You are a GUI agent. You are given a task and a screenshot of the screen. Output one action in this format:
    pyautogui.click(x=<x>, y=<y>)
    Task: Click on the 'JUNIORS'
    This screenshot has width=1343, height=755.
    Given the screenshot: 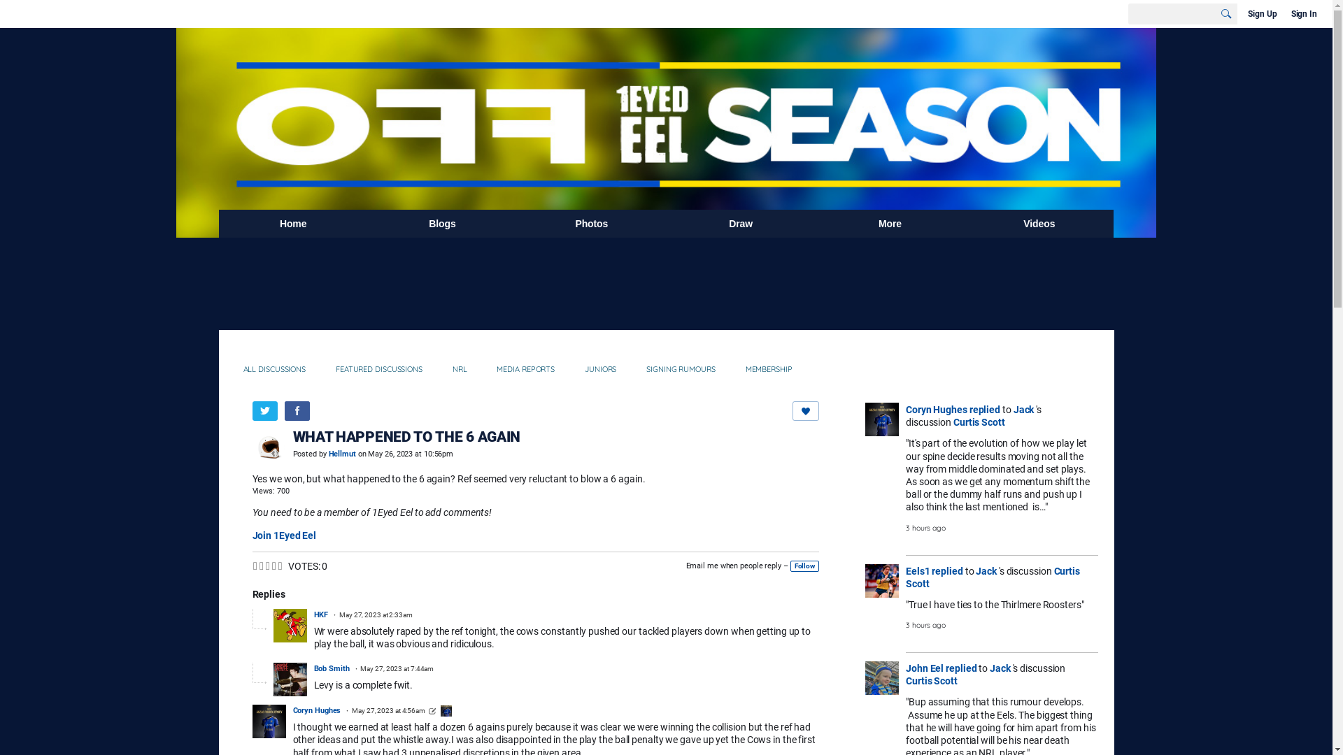 What is the action you would take?
    pyautogui.click(x=577, y=368)
    